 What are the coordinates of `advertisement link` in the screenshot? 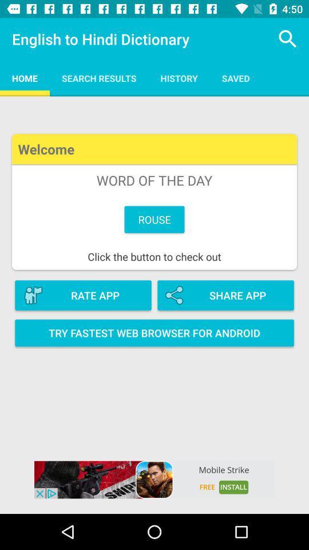 It's located at (154, 480).